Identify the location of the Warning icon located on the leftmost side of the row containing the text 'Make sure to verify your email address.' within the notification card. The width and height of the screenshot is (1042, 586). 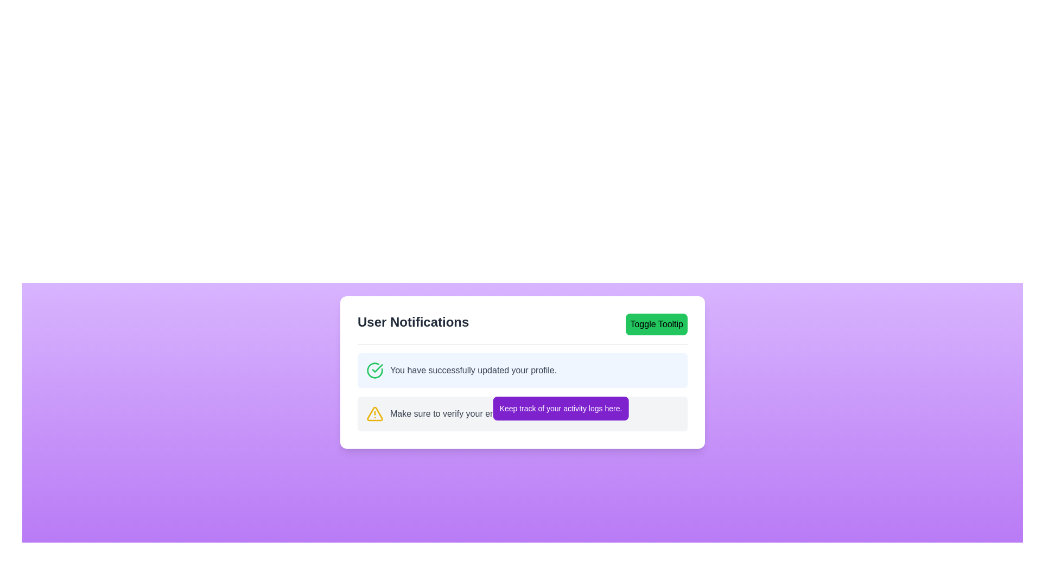
(375, 414).